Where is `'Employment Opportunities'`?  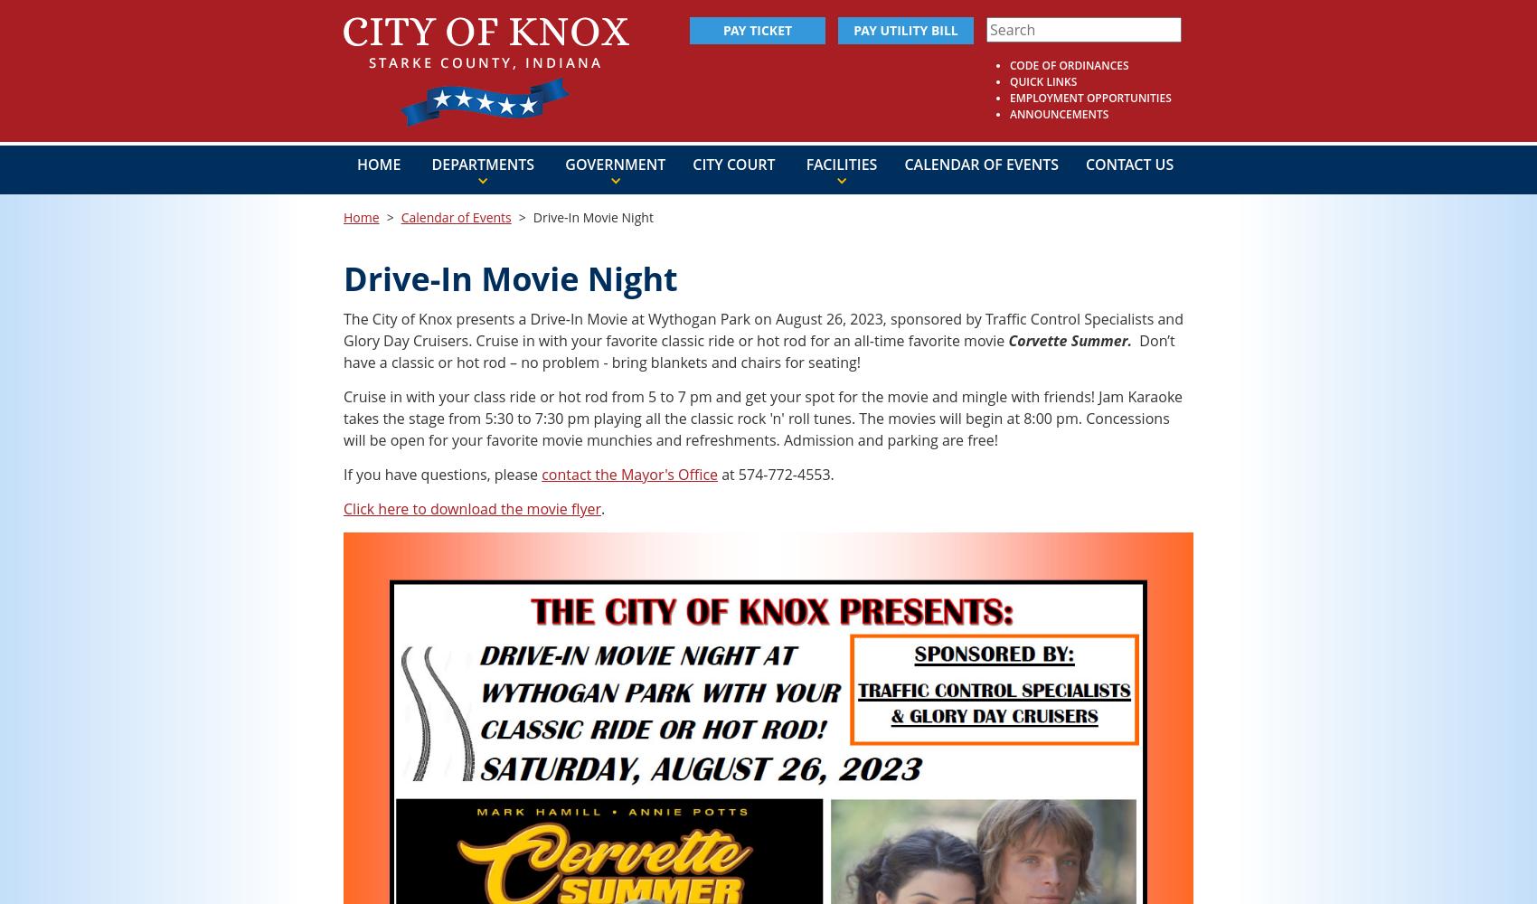 'Employment Opportunities' is located at coordinates (1089, 97).